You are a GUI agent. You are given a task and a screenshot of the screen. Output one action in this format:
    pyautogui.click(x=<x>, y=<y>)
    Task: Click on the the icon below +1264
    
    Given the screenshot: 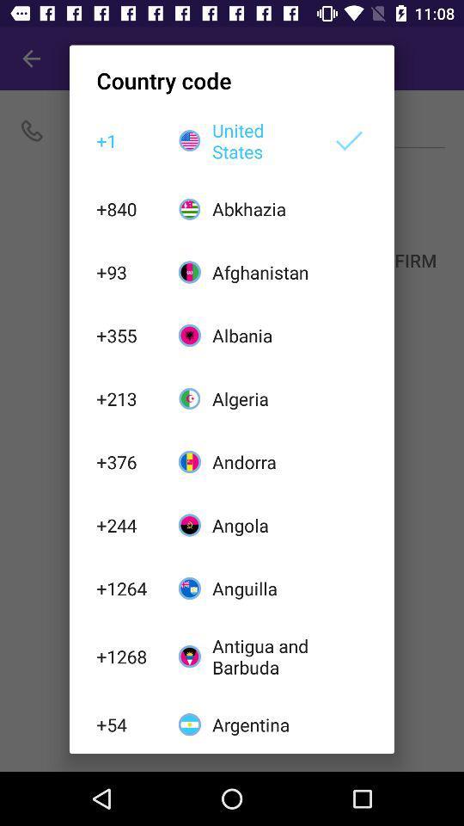 What is the action you would take?
    pyautogui.click(x=127, y=656)
    